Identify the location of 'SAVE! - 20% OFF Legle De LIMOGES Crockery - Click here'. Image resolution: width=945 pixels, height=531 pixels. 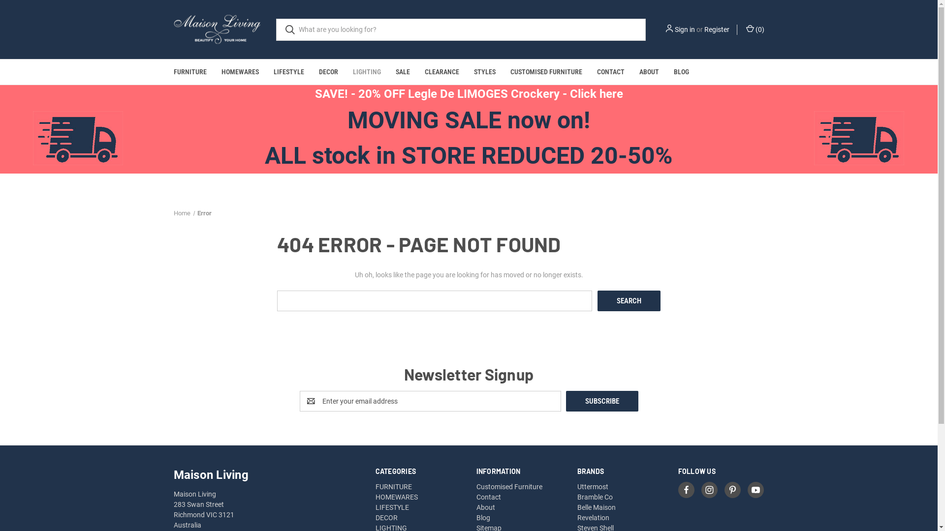
(469, 94).